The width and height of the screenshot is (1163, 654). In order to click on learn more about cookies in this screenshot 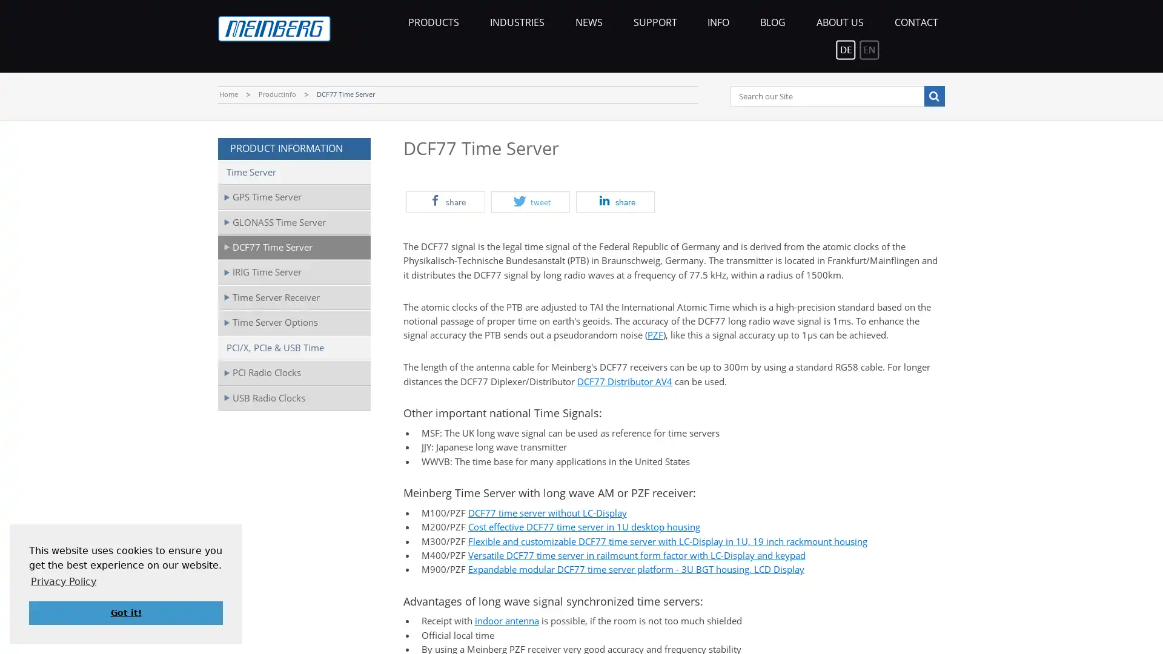, I will do `click(63, 581)`.